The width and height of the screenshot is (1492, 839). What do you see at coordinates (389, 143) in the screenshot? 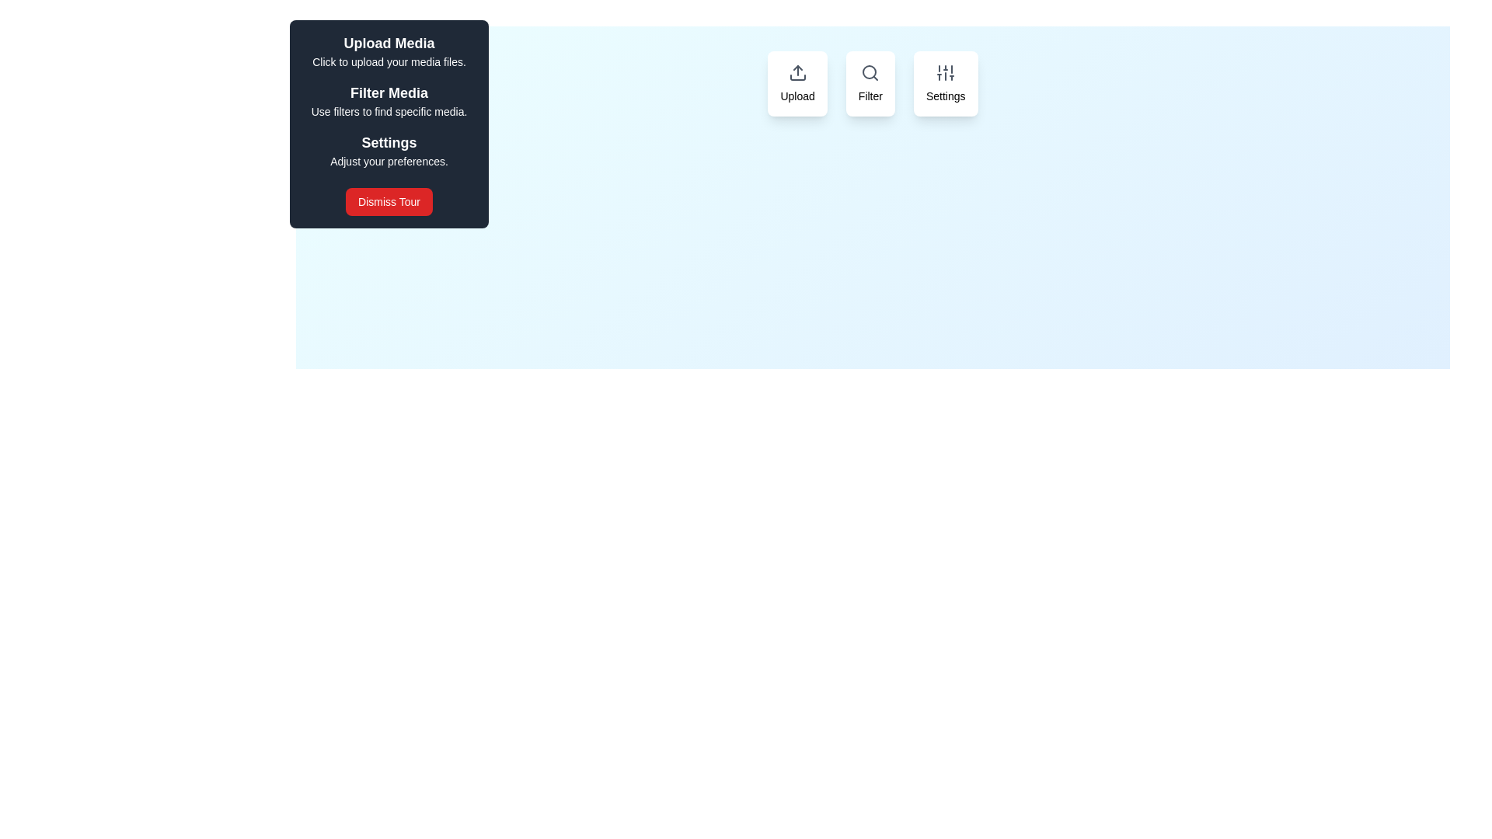
I see `the bold, large-sized text element labeled 'Settings' which is rendered in white on a dark background, located between 'Filter Media' and 'Adjust your preferences.'` at bounding box center [389, 143].